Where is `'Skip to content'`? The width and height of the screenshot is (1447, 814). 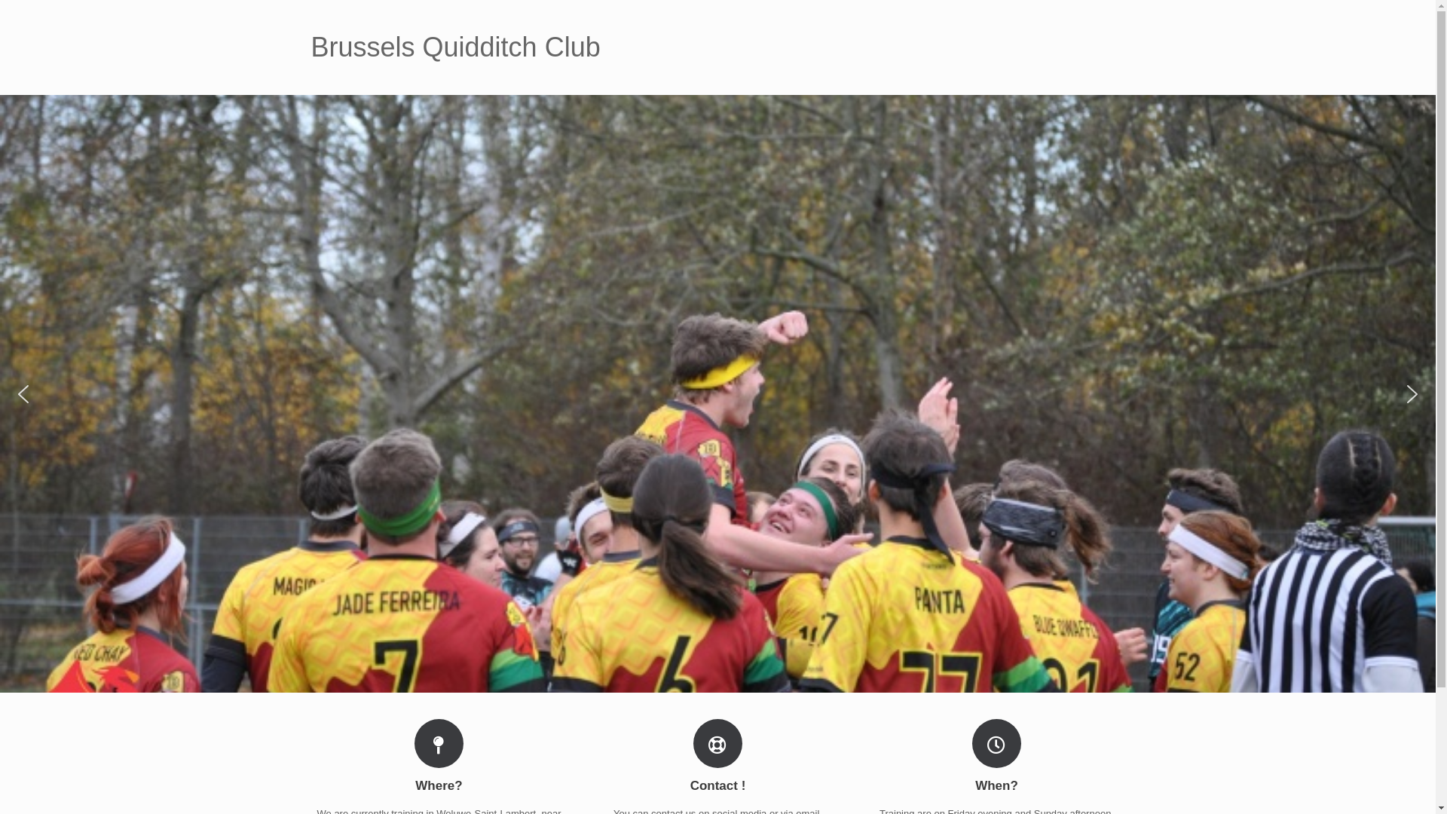 'Skip to content' is located at coordinates (0, 0).